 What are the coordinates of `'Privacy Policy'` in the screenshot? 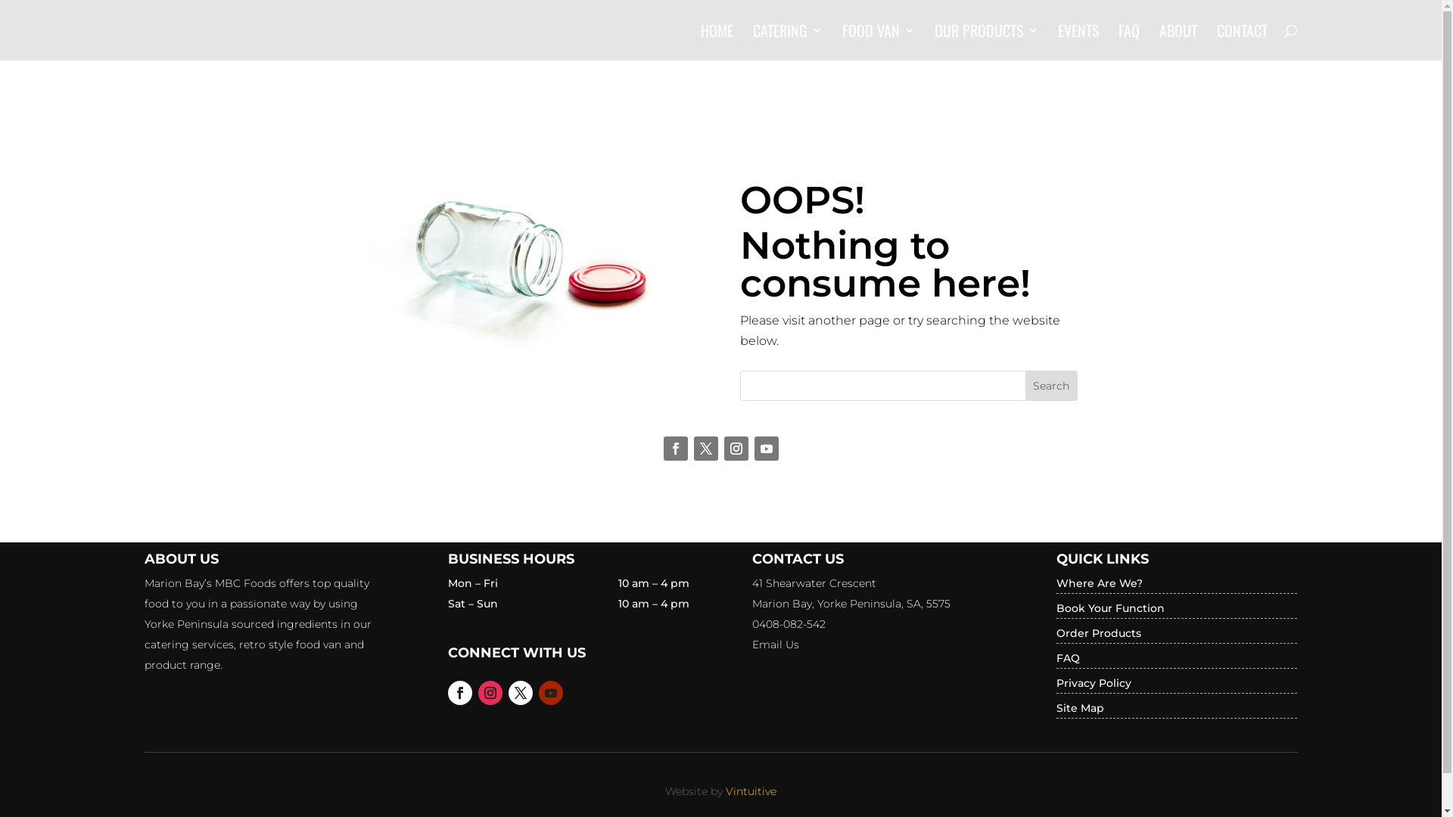 It's located at (1094, 682).